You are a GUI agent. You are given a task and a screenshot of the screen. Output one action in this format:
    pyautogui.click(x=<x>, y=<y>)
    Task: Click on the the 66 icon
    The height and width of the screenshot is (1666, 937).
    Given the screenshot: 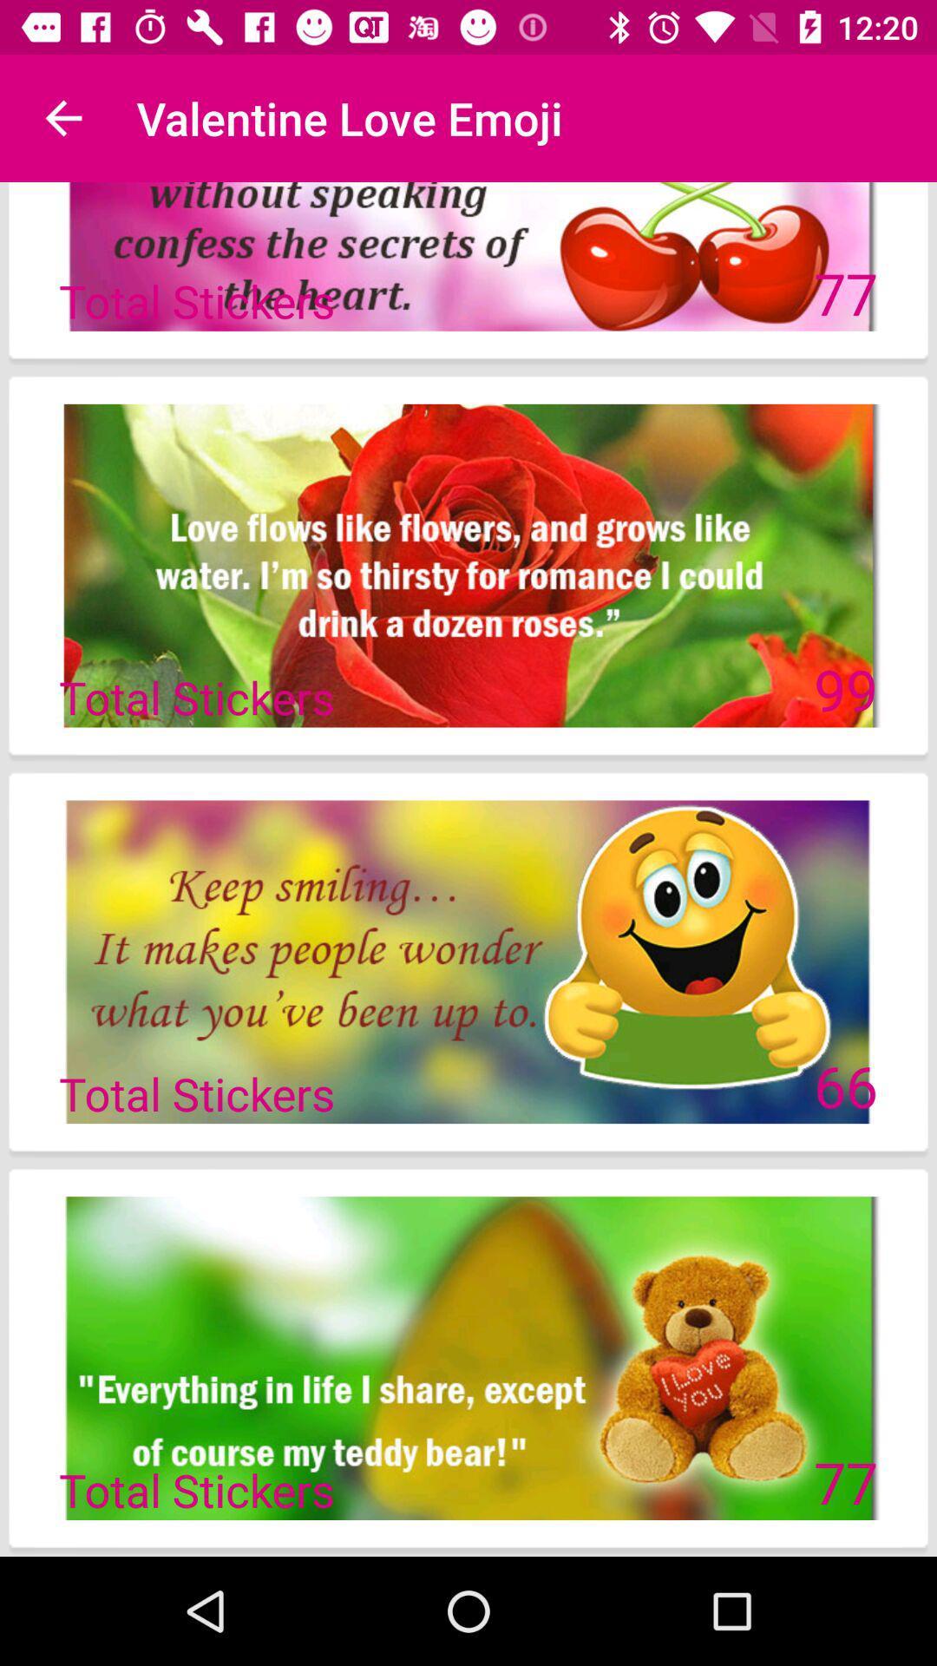 What is the action you would take?
    pyautogui.click(x=845, y=1085)
    